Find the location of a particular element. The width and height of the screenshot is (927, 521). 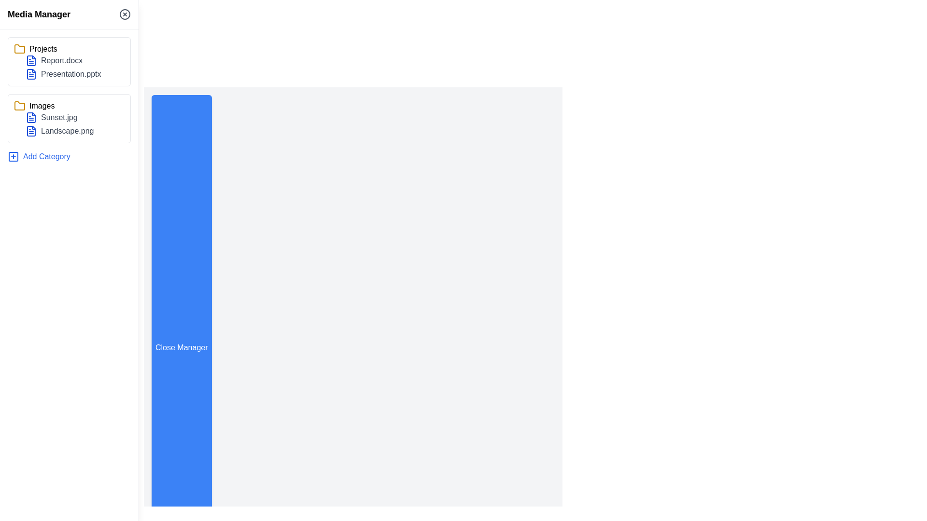

the first icon representing the 'Landscape.png' file type in the 'Images' section of the media manager panel is located at coordinates (31, 131).